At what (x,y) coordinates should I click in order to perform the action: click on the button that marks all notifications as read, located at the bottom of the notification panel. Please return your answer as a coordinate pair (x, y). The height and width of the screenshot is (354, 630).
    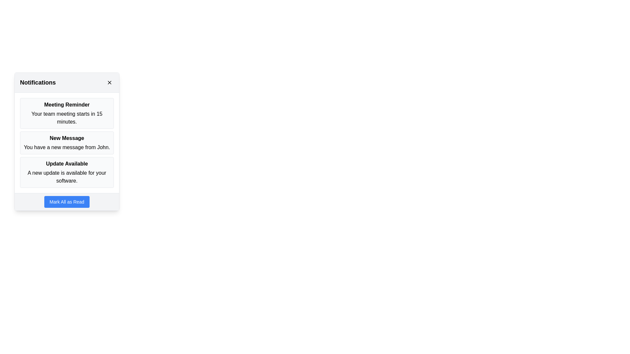
    Looking at the image, I should click on (67, 202).